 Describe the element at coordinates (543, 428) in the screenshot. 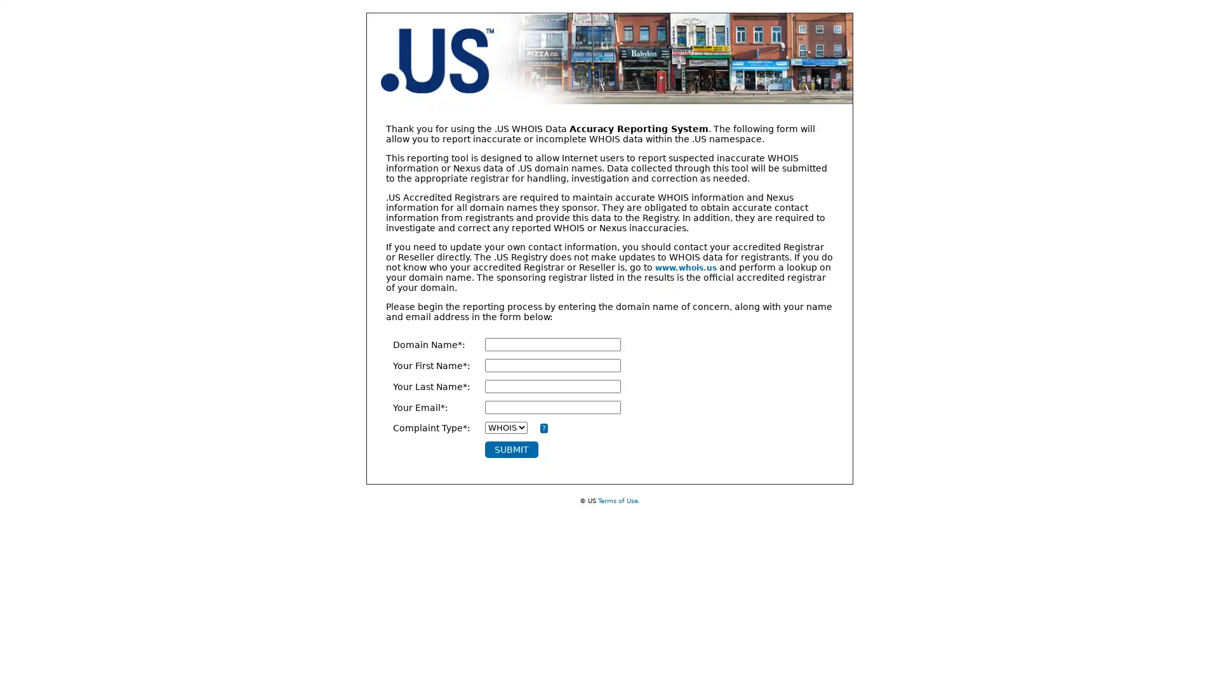

I see `?` at that location.